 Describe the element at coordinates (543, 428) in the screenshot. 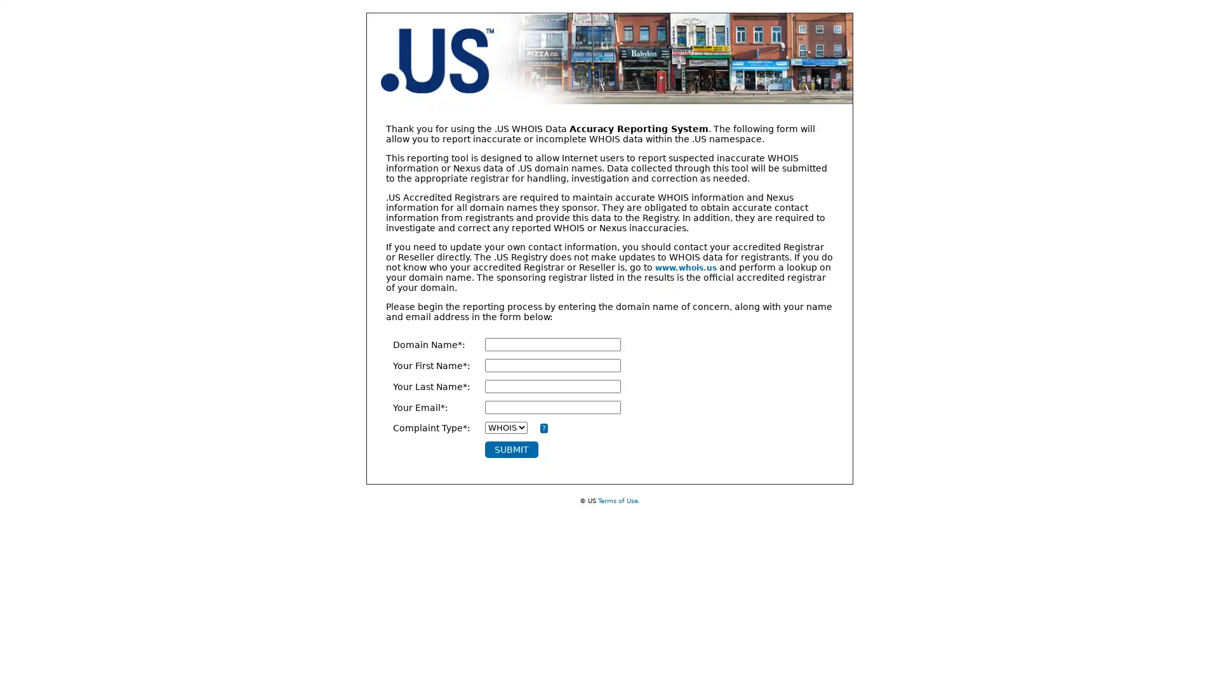

I see `?` at that location.